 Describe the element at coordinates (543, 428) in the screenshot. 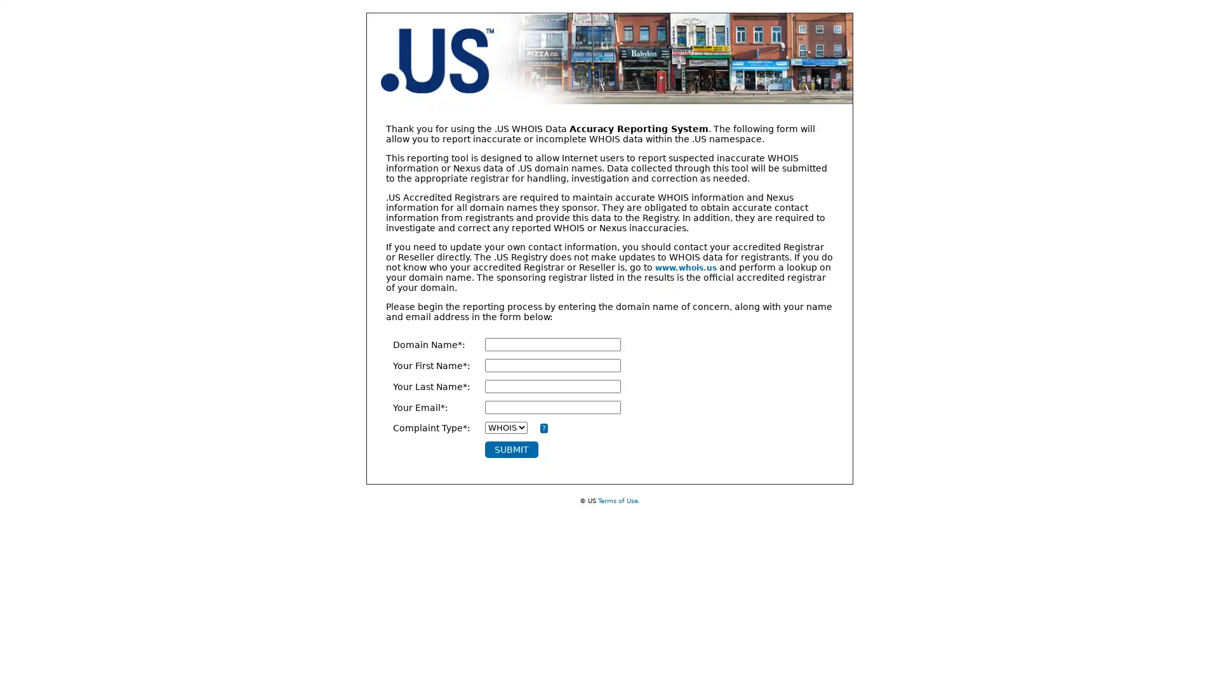

I see `?` at that location.